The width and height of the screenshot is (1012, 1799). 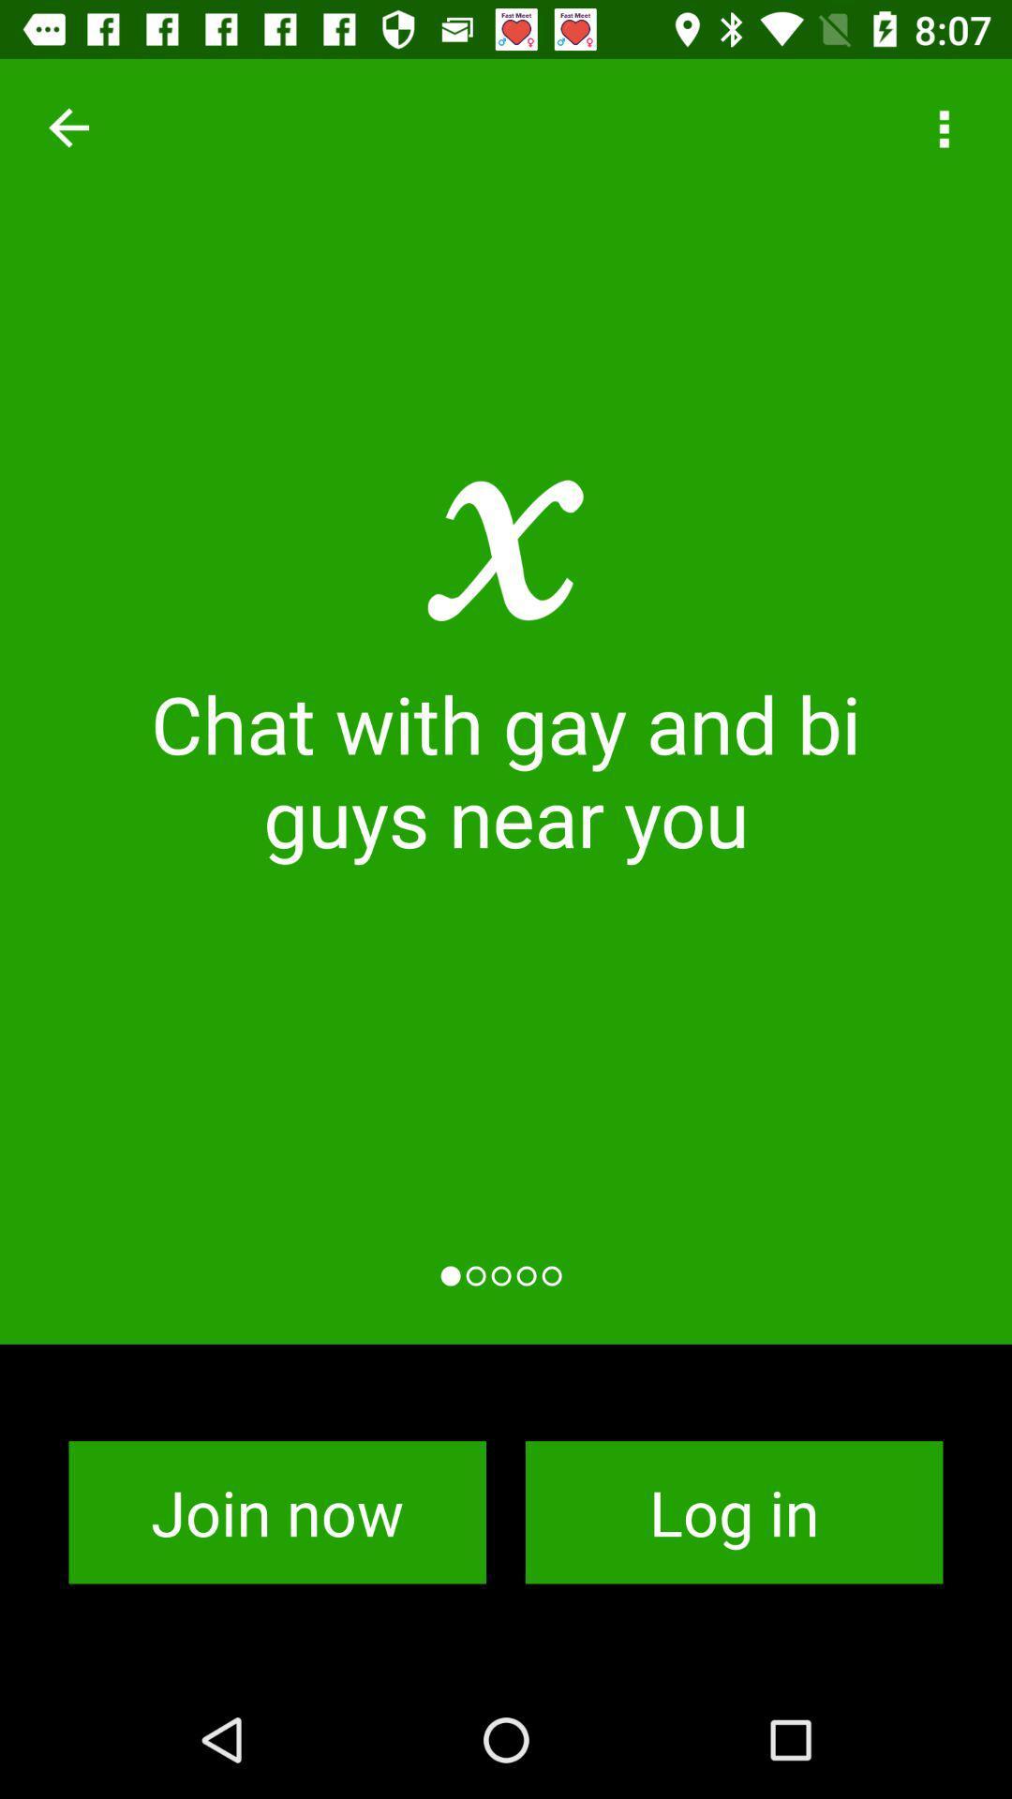 I want to click on the log in item, so click(x=733, y=1512).